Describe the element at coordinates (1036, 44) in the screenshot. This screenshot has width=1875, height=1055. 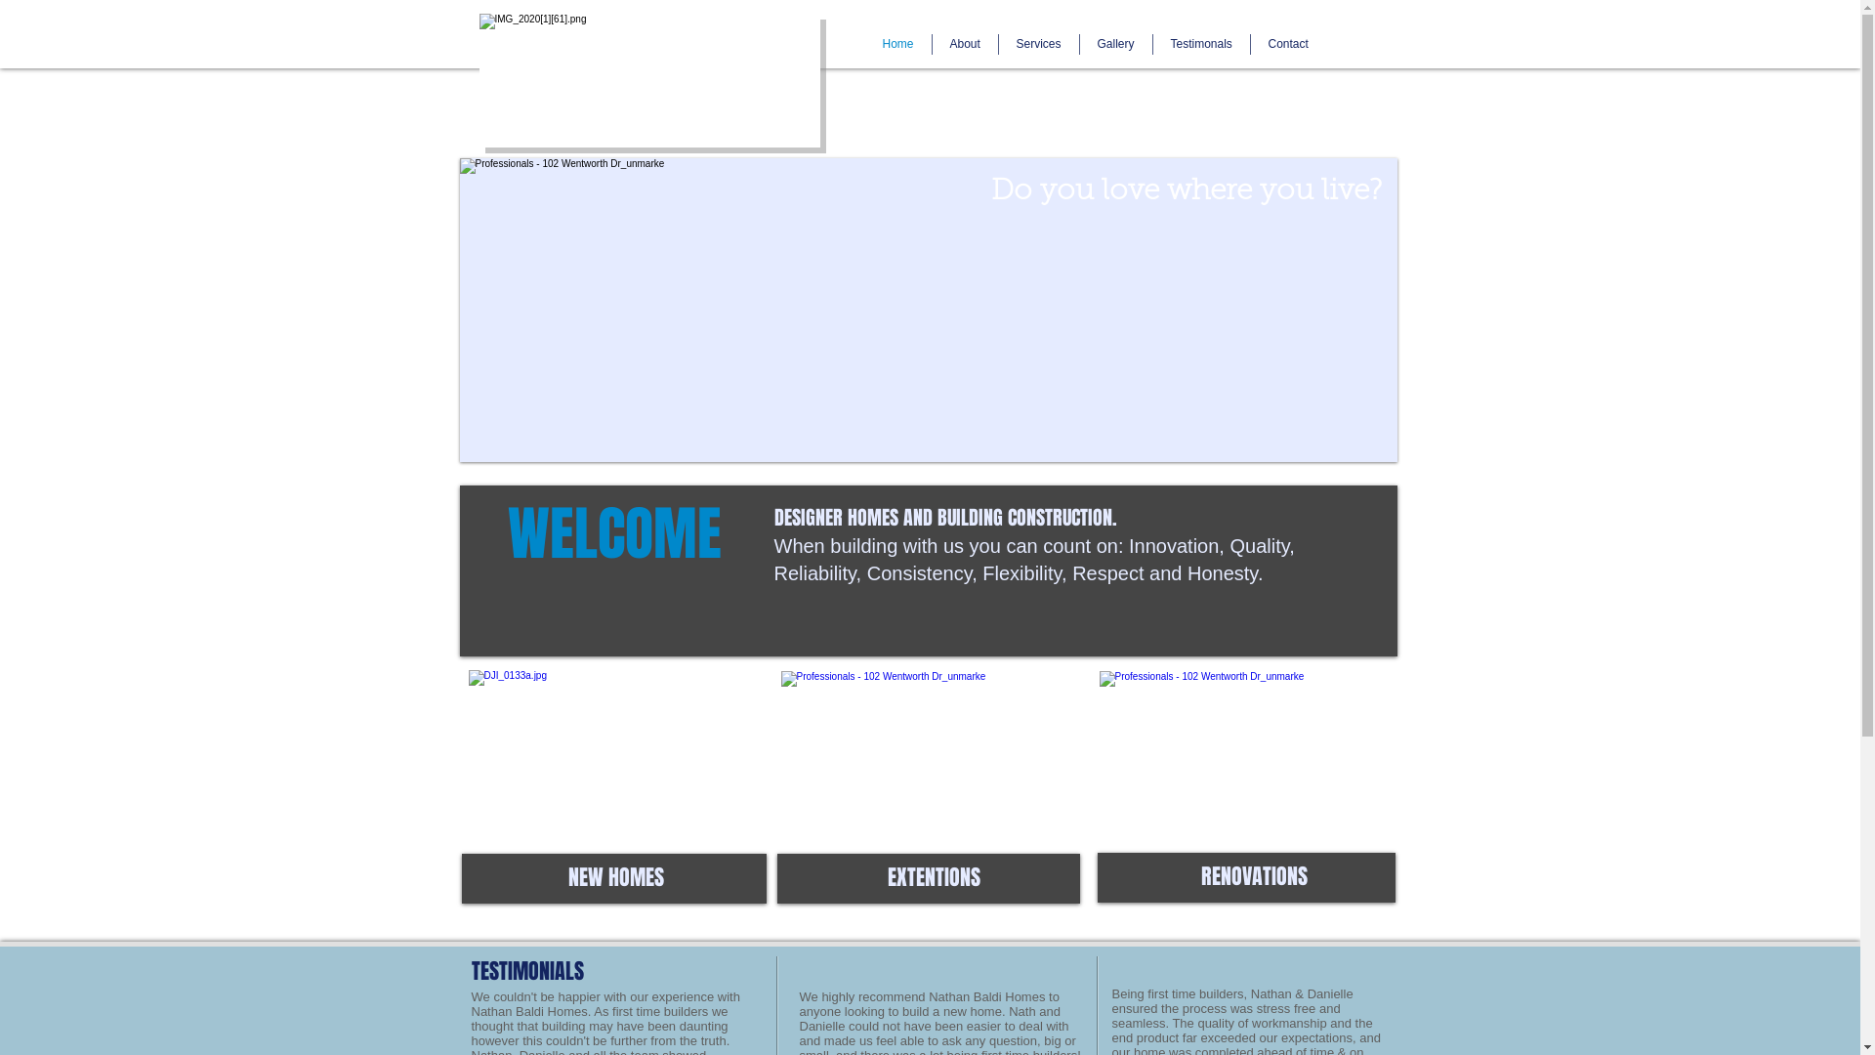
I see `'Services'` at that location.